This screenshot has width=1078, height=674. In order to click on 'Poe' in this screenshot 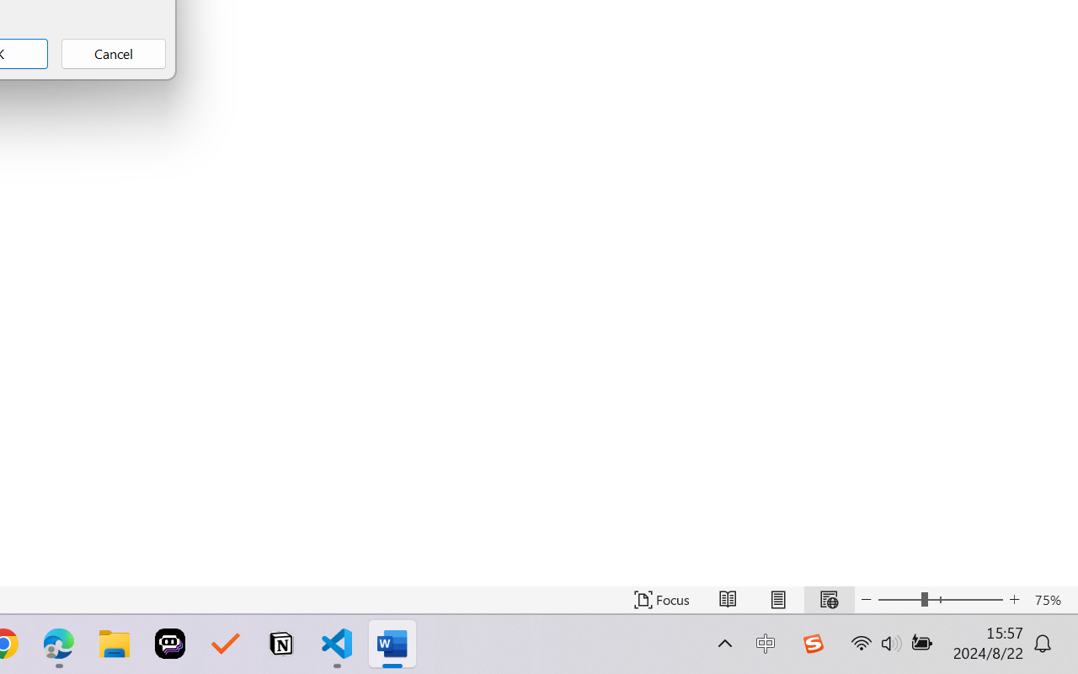, I will do `click(170, 644)`.